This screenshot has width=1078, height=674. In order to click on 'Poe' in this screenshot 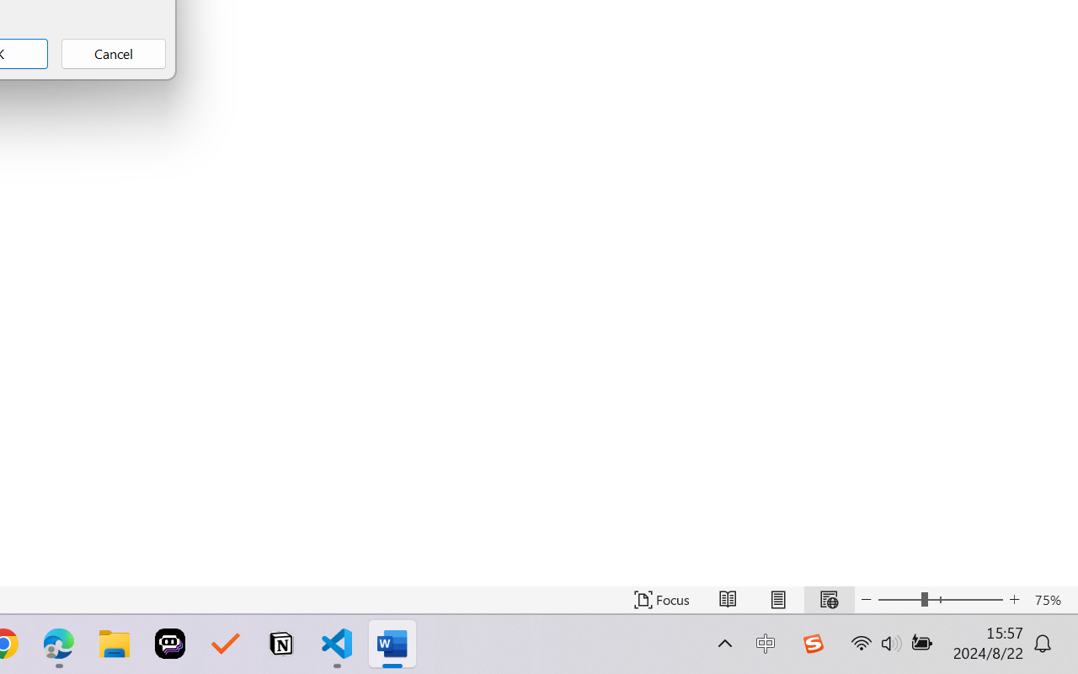, I will do `click(170, 644)`.